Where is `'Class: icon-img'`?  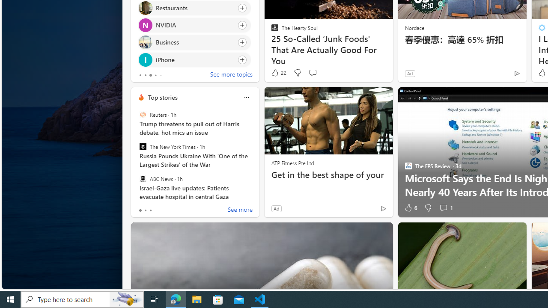 'Class: icon-img' is located at coordinates (246, 97).